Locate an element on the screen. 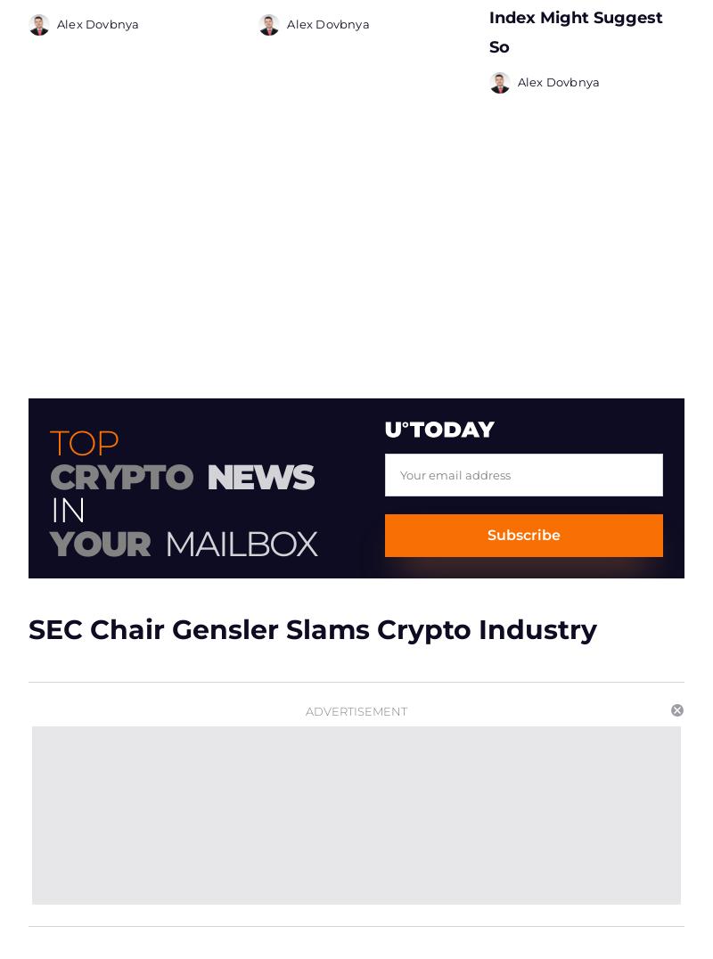  'Mailbox' is located at coordinates (240, 537).